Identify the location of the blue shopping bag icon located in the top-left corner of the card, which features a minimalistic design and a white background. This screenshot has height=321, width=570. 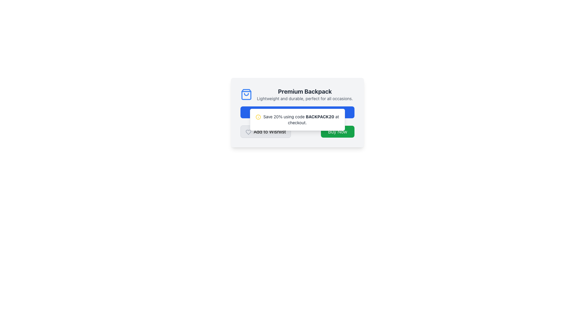
(246, 94).